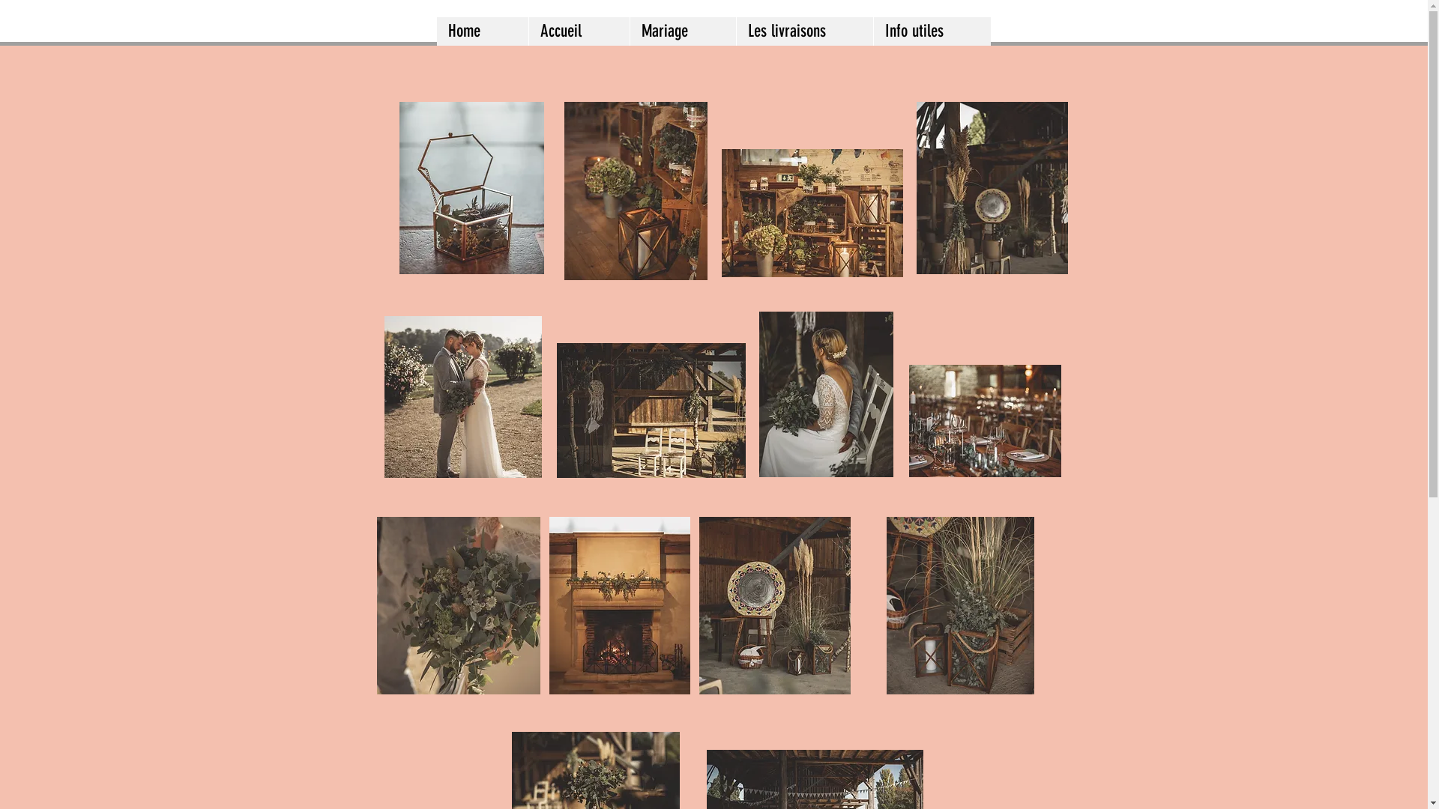  Describe the element at coordinates (482, 31) in the screenshot. I see `'Home'` at that location.